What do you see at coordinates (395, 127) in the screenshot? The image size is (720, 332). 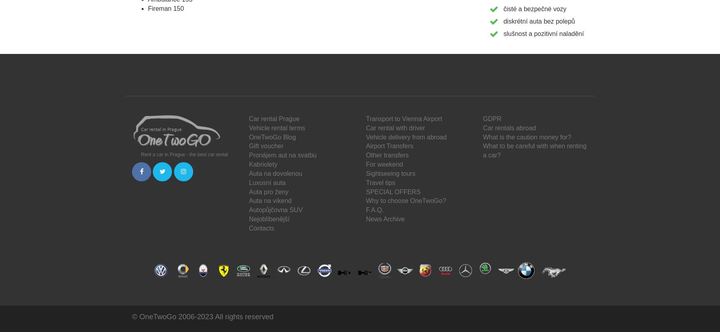 I see `'Car rental with driver'` at bounding box center [395, 127].